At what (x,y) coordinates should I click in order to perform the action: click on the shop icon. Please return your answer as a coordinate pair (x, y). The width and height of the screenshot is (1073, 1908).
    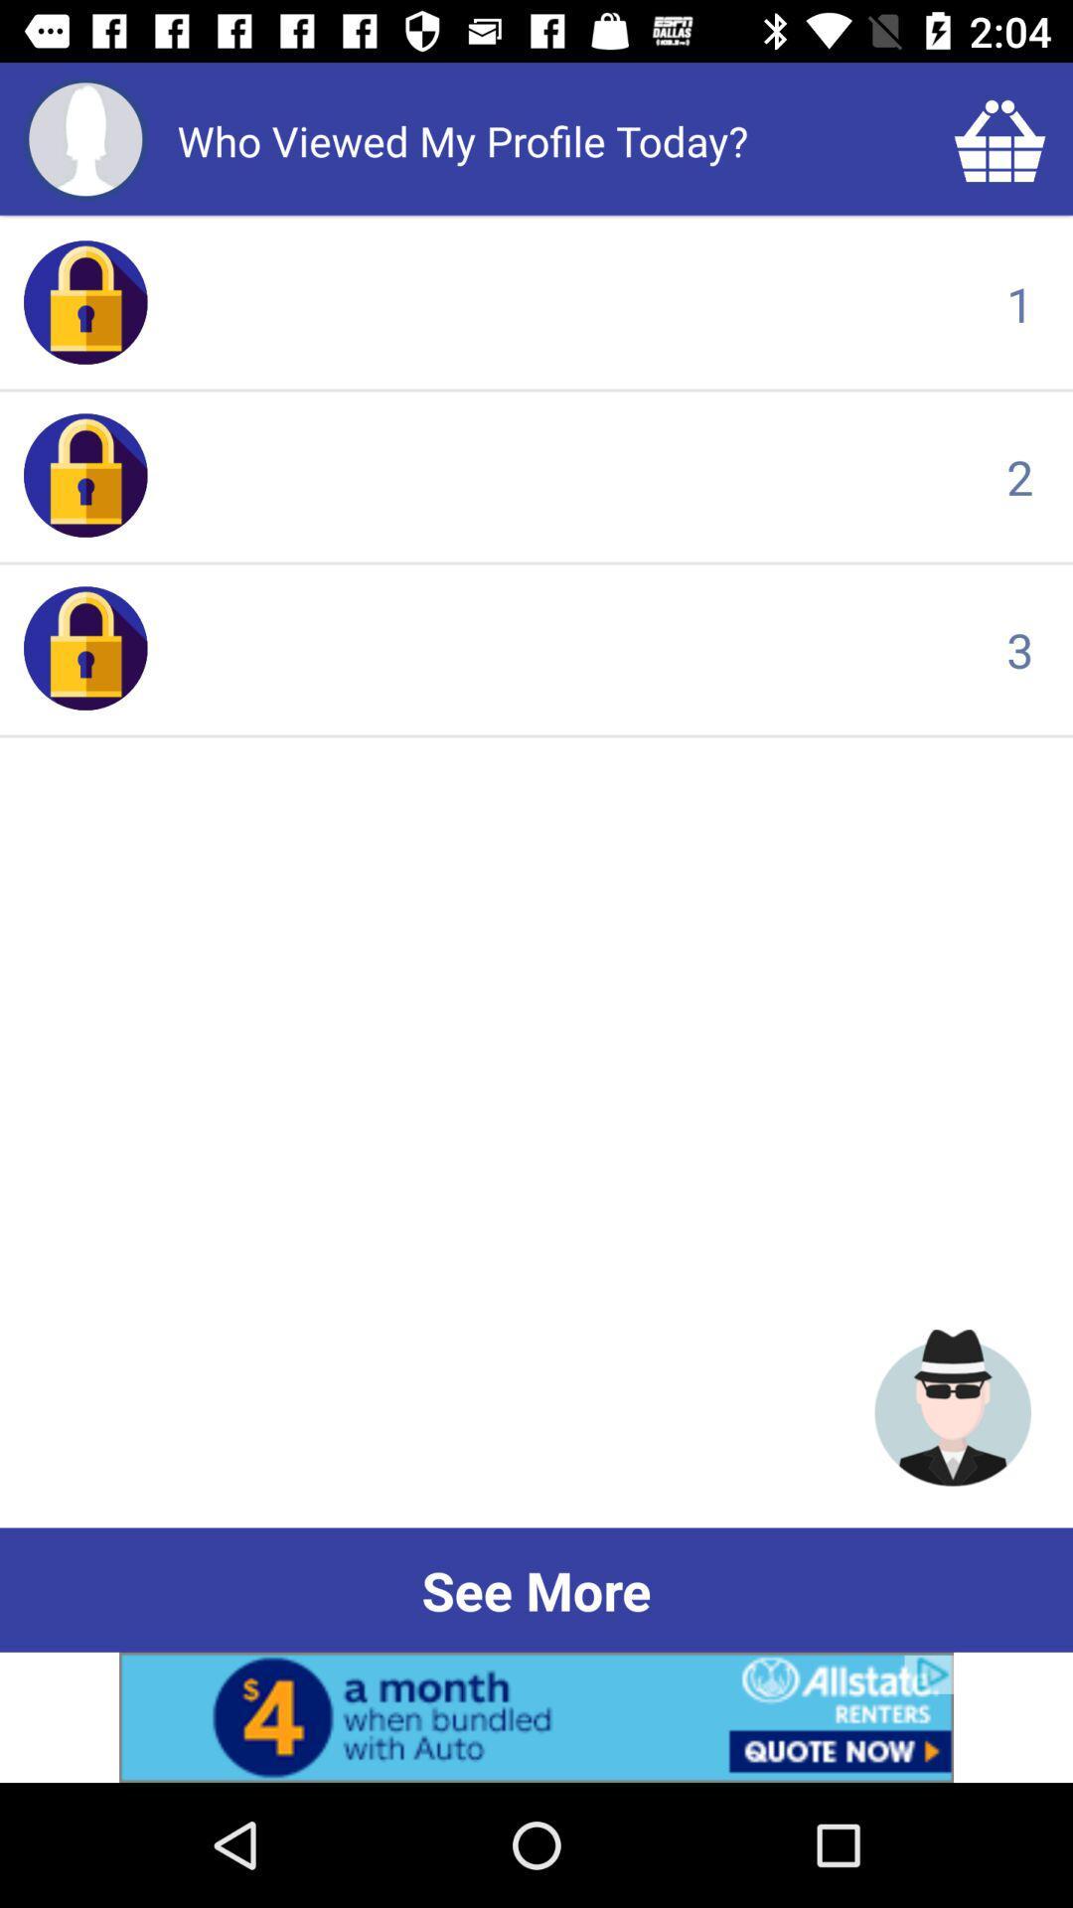
    Looking at the image, I should click on (999, 139).